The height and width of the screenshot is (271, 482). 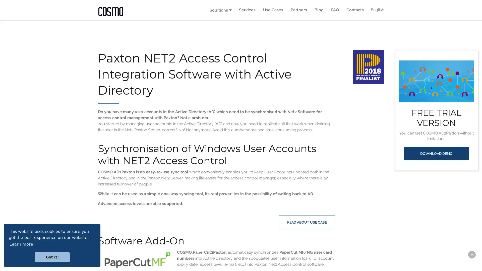 What do you see at coordinates (21, 244) in the screenshot?
I see `learn more about cookies` at bounding box center [21, 244].